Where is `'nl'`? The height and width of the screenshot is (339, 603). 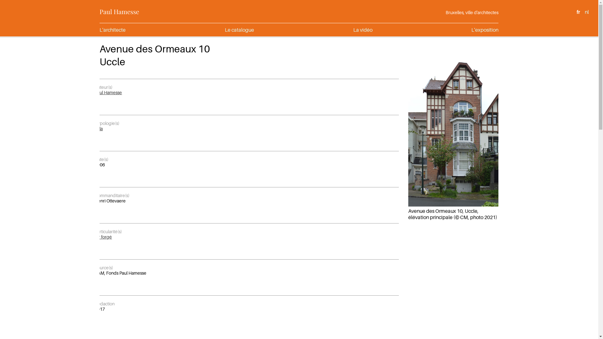 'nl' is located at coordinates (586, 12).